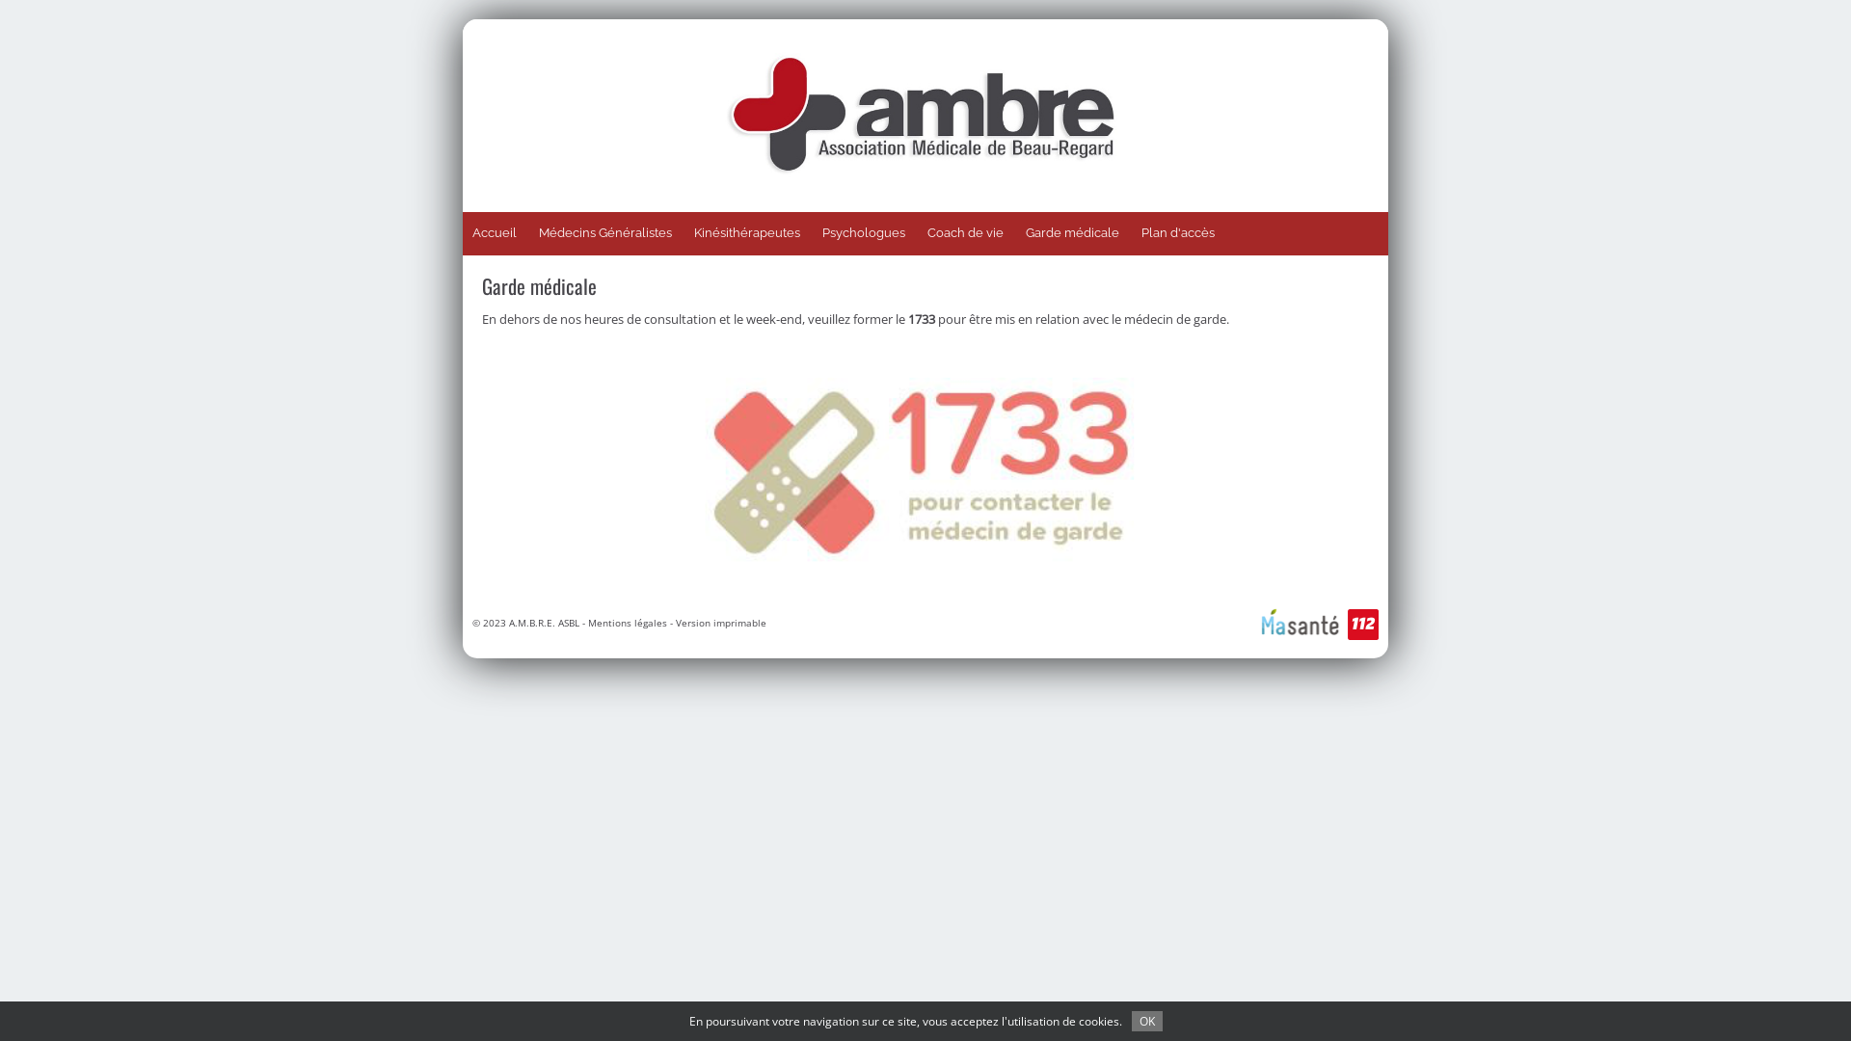  I want to click on 'Version imprimable', so click(720, 622).